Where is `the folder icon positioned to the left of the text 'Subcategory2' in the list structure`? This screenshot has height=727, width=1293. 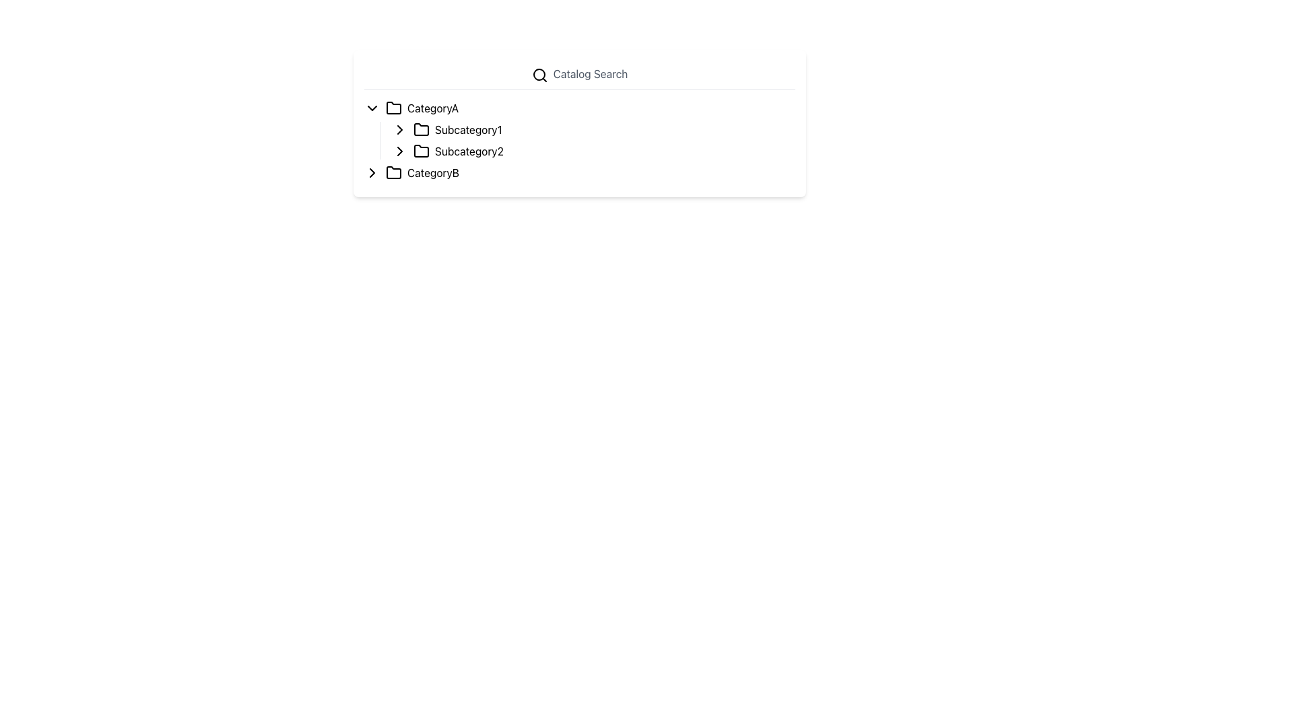
the folder icon positioned to the left of the text 'Subcategory2' in the list structure is located at coordinates (420, 150).